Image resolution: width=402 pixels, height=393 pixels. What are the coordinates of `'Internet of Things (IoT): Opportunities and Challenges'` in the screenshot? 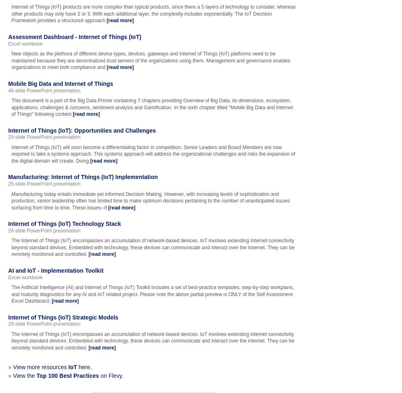 It's located at (82, 130).